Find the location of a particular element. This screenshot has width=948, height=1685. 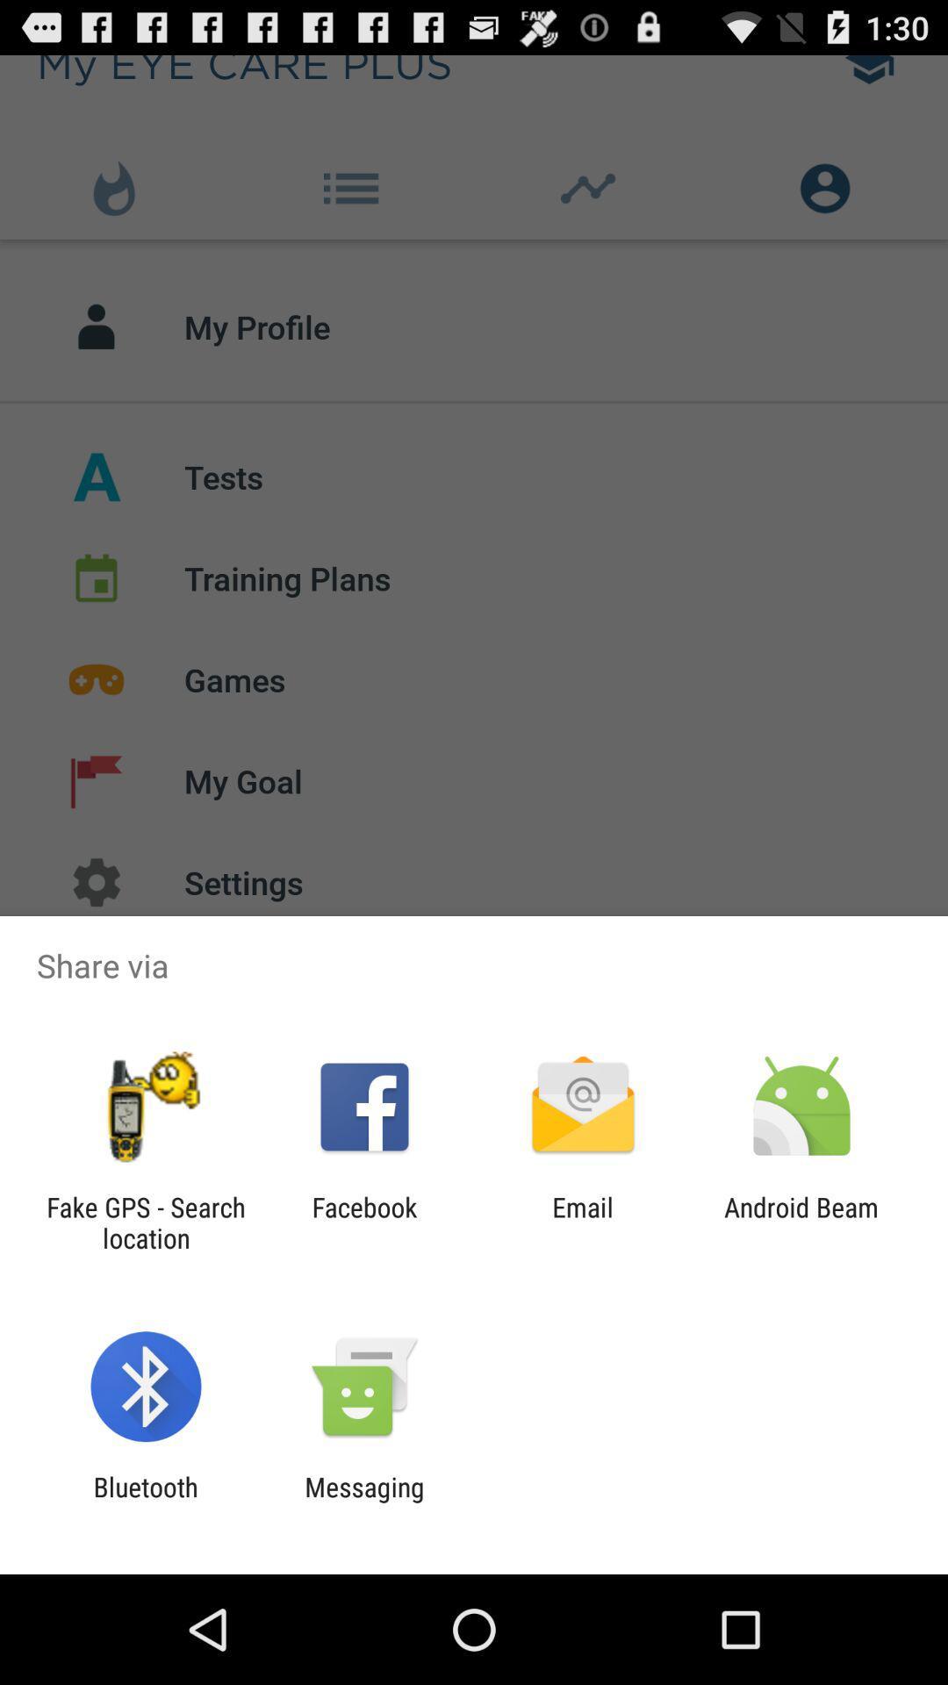

the app next to messaging app is located at coordinates (145, 1502).